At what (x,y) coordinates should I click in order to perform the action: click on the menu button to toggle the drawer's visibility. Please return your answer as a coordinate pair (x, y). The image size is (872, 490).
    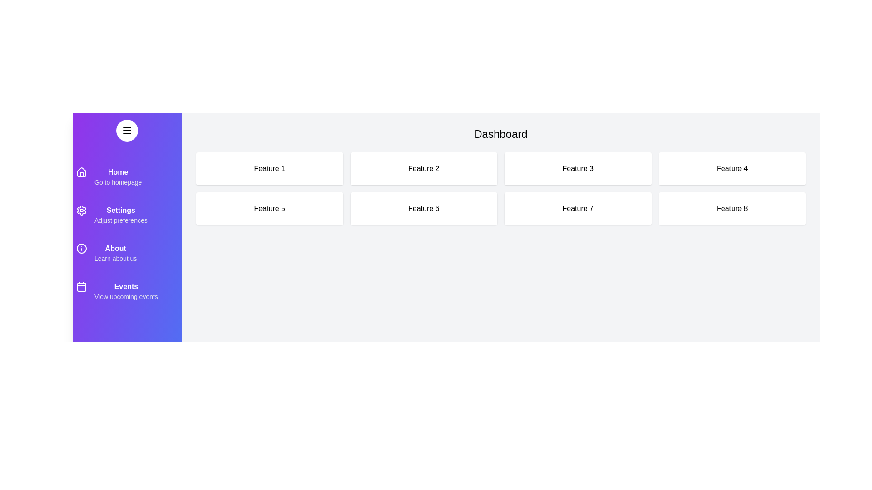
    Looking at the image, I should click on (126, 131).